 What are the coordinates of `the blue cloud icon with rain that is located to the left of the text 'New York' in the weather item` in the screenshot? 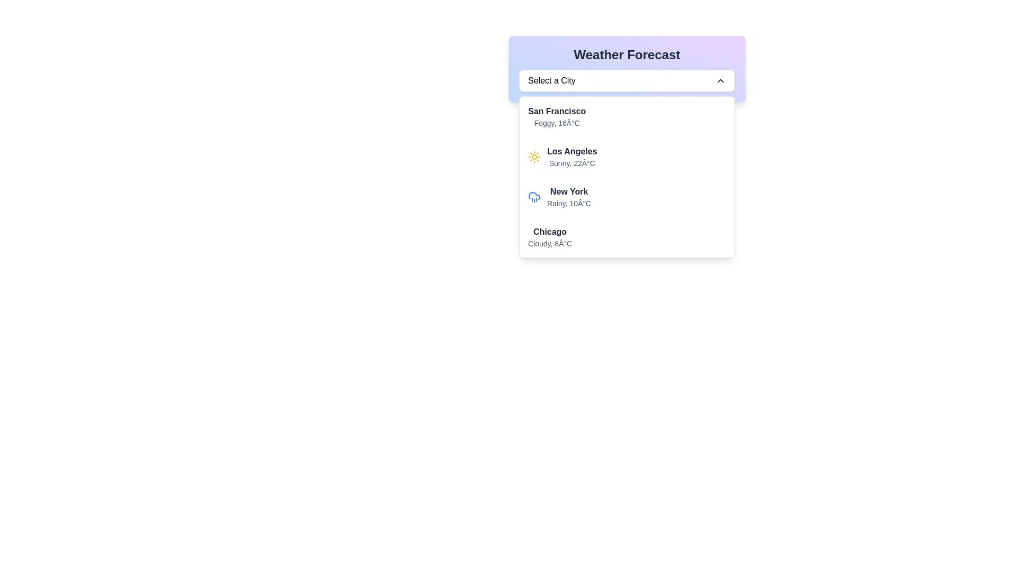 It's located at (534, 196).